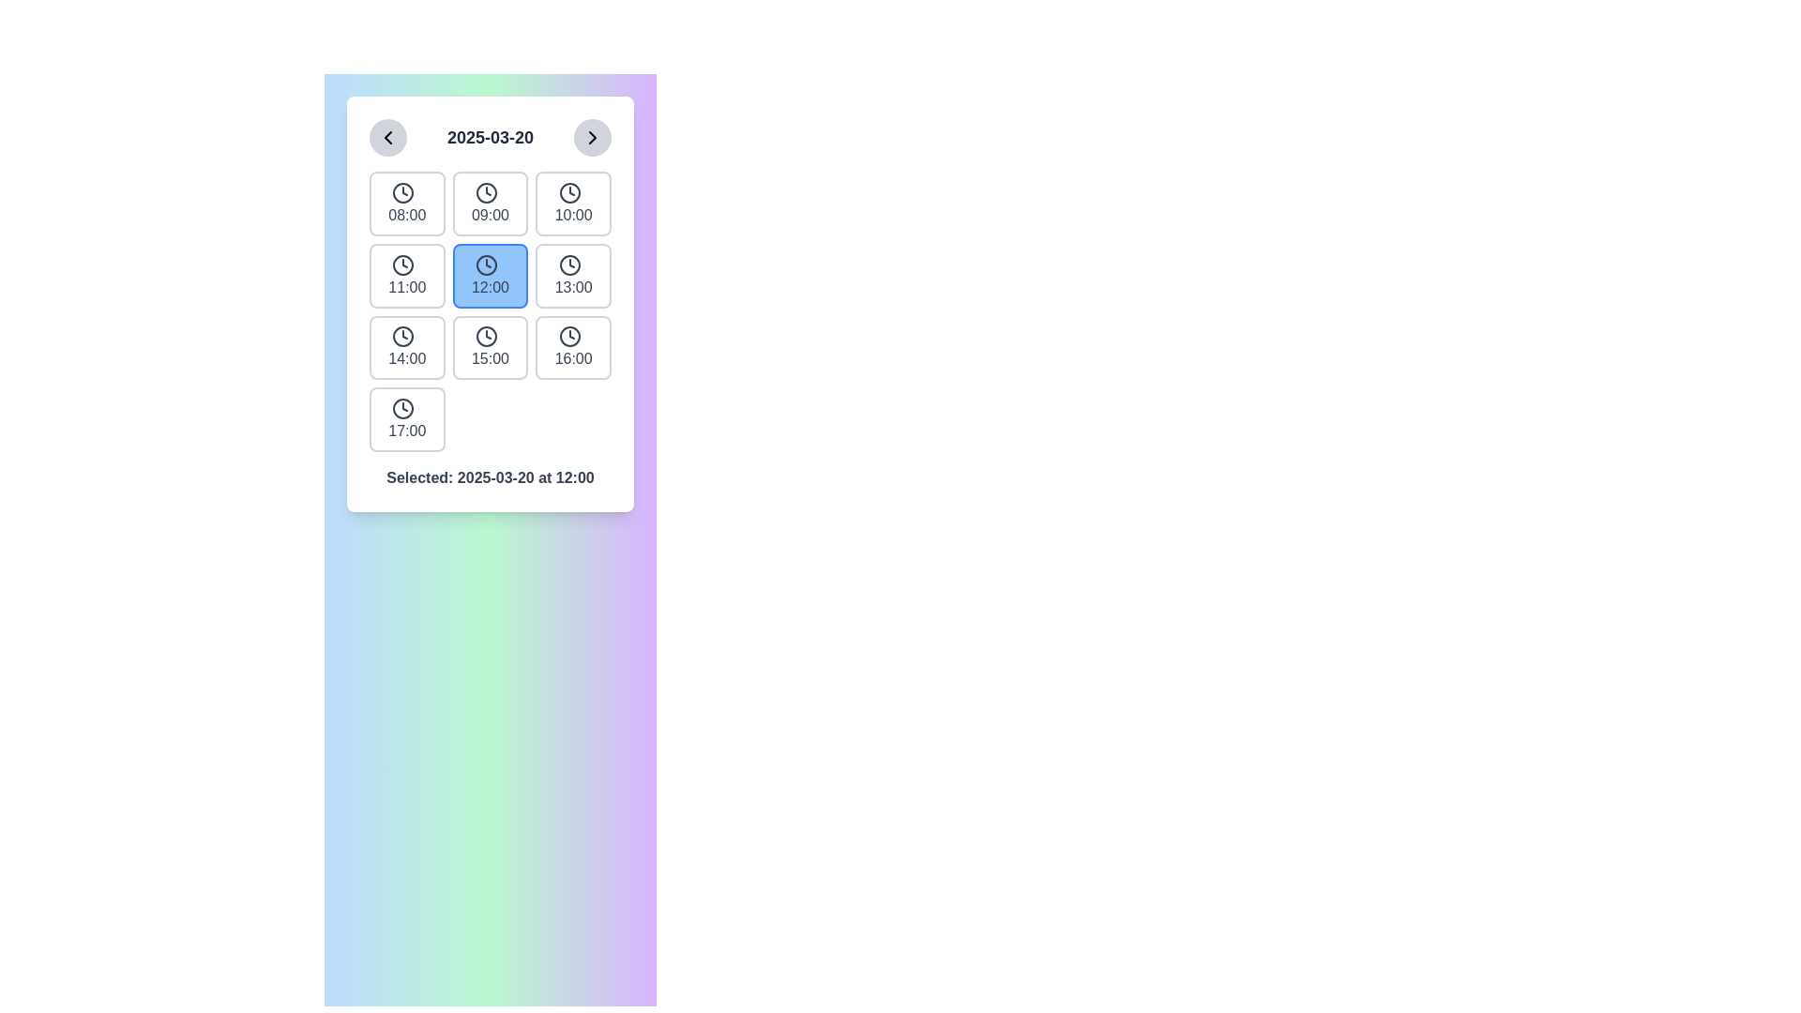  I want to click on the SVG circle element representing the clock face's outline for the 12:00 time slot in the interface, so click(486, 265).